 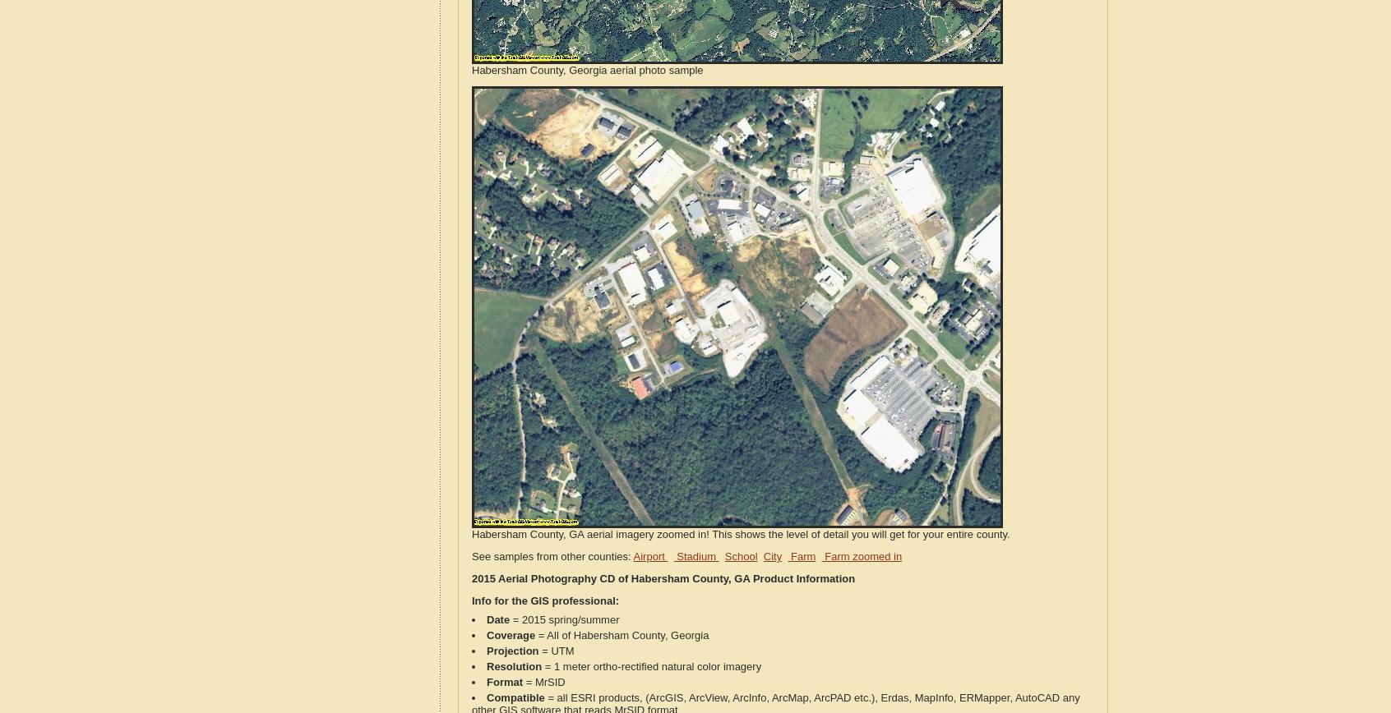 What do you see at coordinates (723, 556) in the screenshot?
I see `'School'` at bounding box center [723, 556].